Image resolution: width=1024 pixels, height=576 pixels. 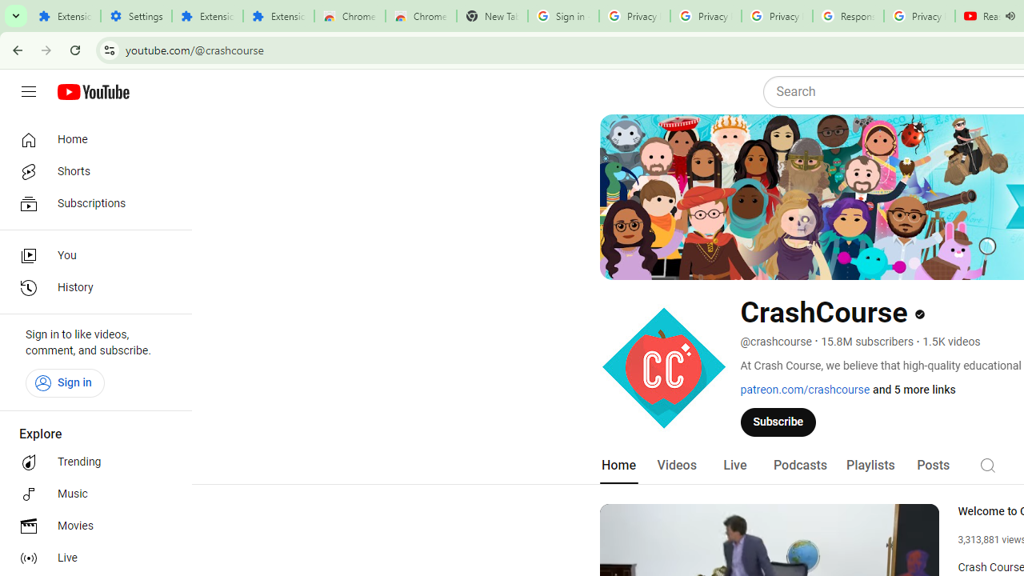 I want to click on 'Chrome Web Store', so click(x=349, y=16).